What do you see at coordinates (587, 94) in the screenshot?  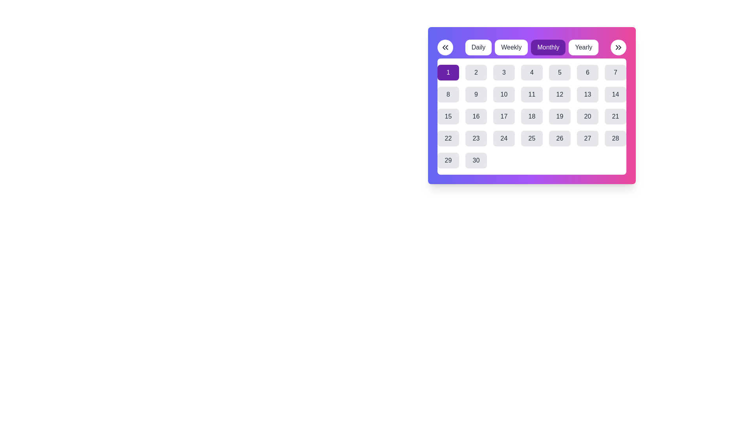 I see `the button displaying the number '13' with a light gray background, located in the second row of a date grid in the calendar interface` at bounding box center [587, 94].